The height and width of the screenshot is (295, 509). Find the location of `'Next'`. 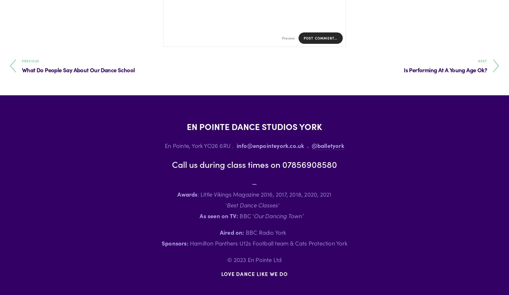

'Next' is located at coordinates (482, 60).